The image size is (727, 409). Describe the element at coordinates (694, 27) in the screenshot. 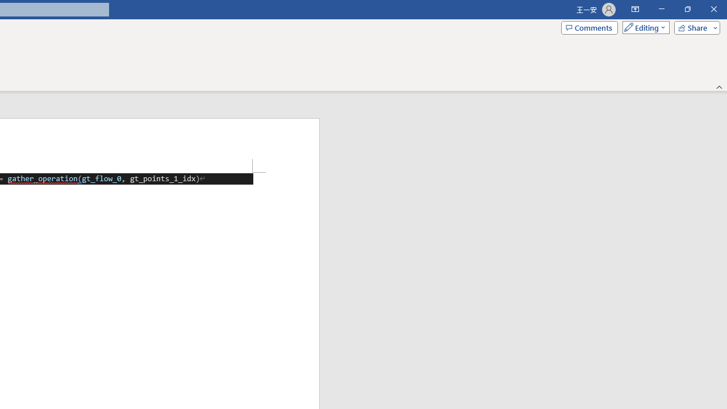

I see `'Share'` at that location.